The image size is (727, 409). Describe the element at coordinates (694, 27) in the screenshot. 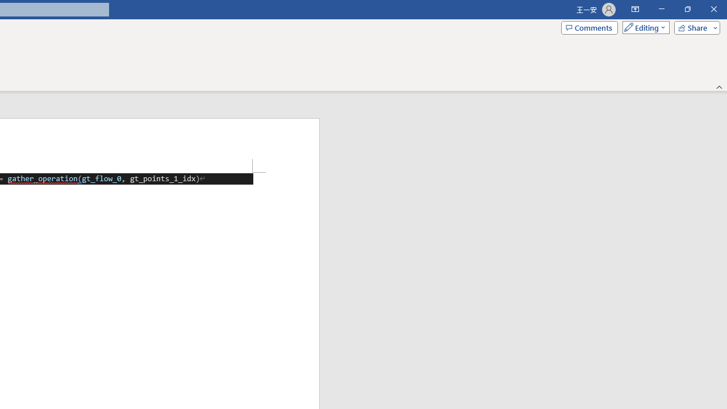

I see `'Share'` at that location.